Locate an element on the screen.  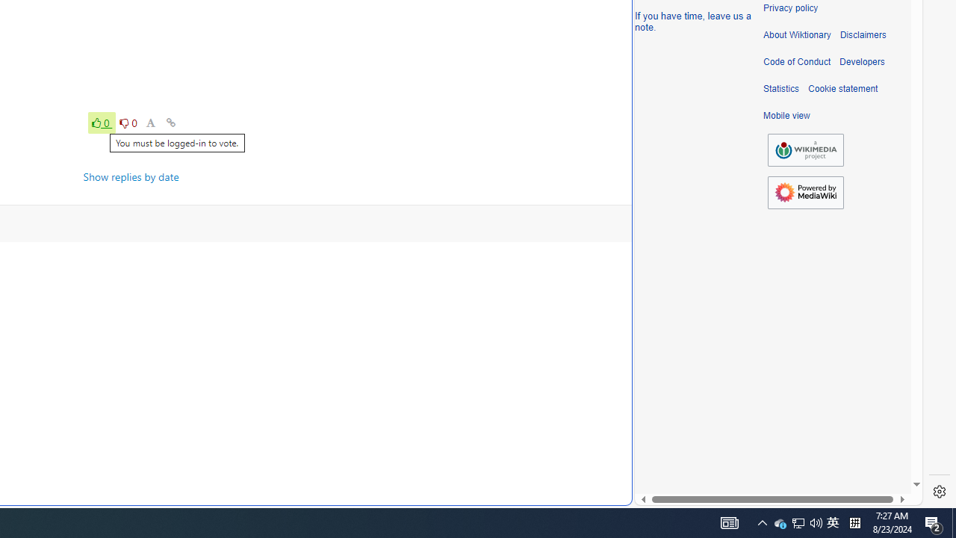
'Privacy policy' is located at coordinates (789, 8).